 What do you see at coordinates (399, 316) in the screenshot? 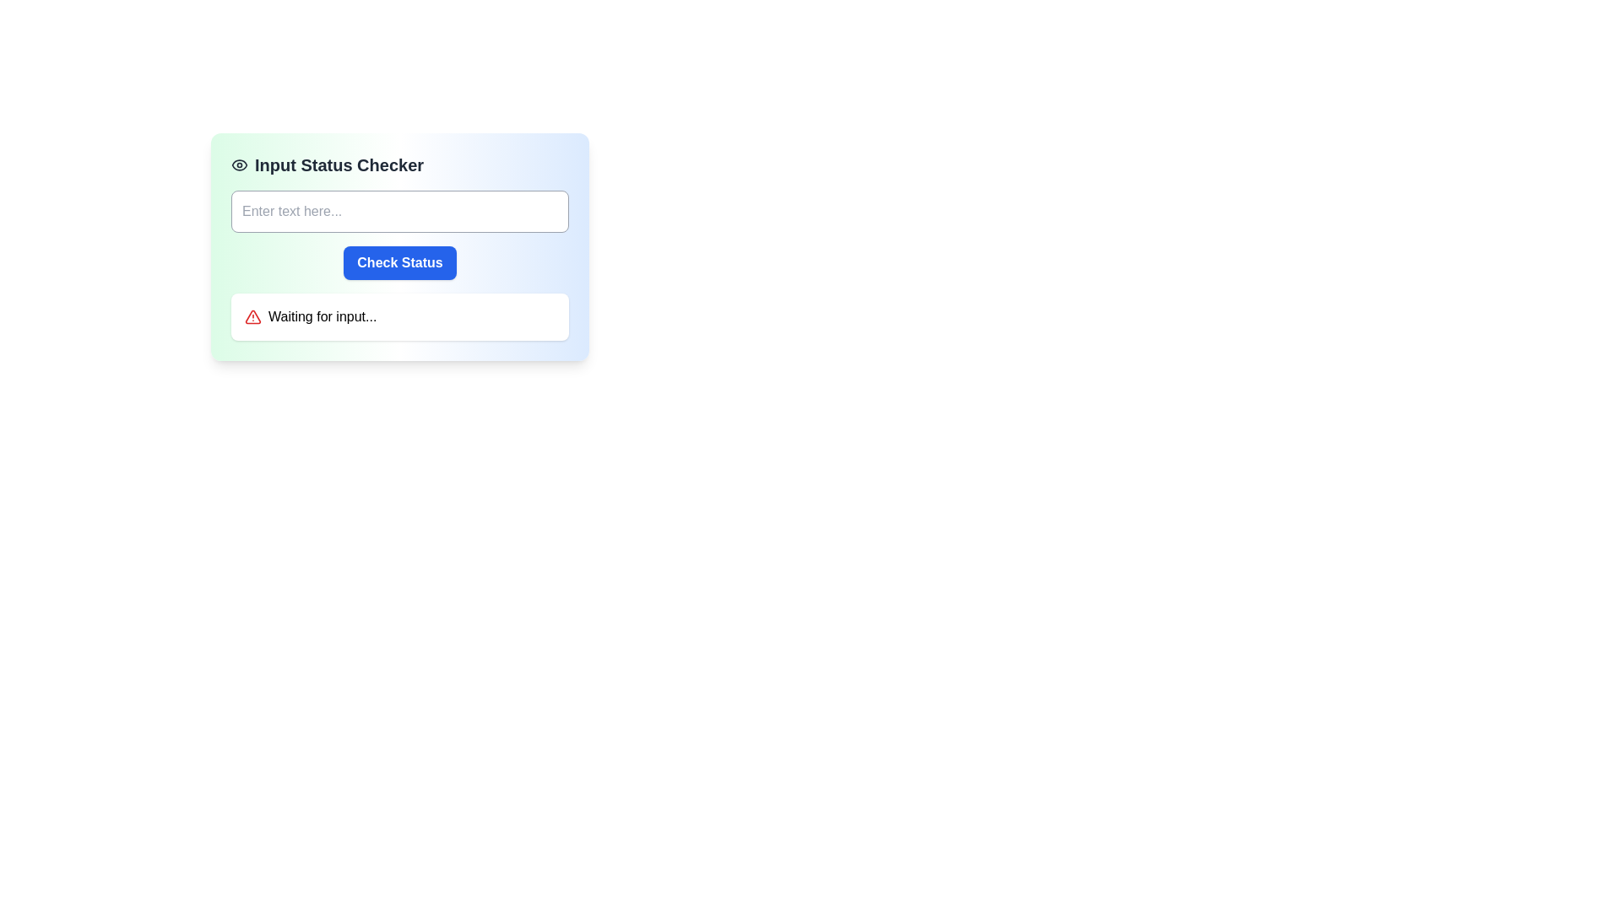
I see `the Status notification bar that indicates 'Waiting for input...'` at bounding box center [399, 316].